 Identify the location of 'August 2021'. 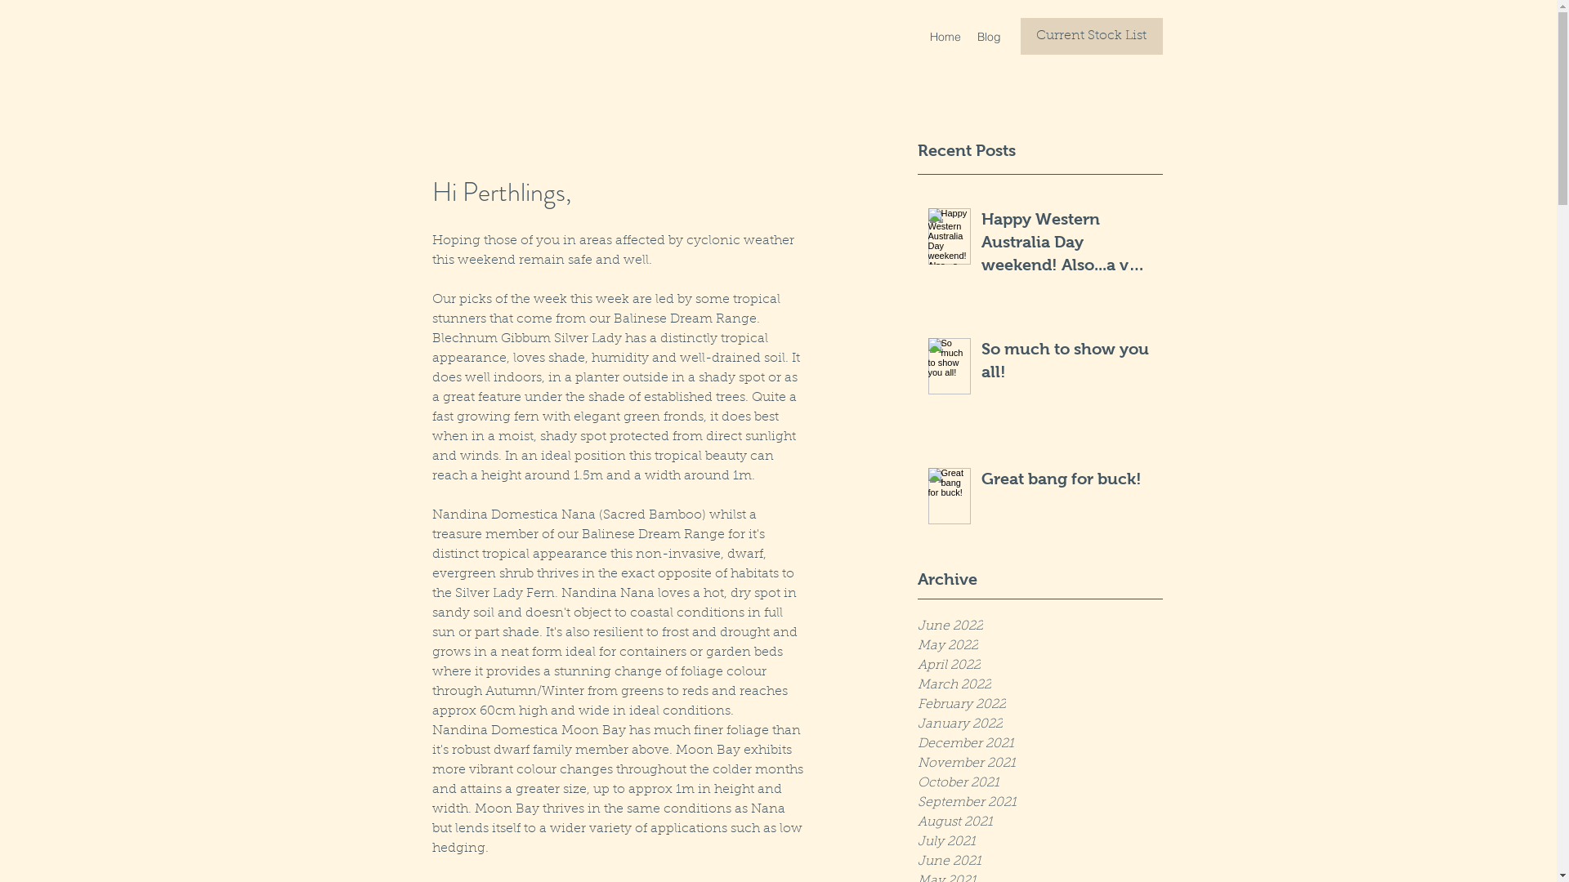
(1039, 822).